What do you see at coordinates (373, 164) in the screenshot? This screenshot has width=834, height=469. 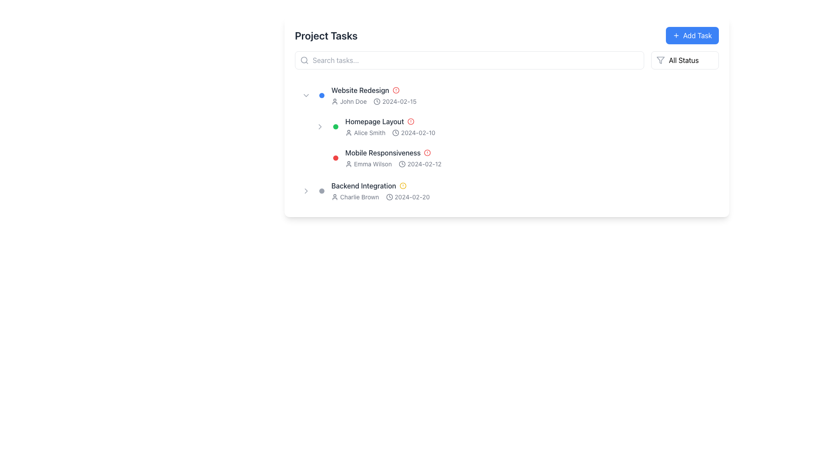 I see `the third Text label in the hierarchical task list that identifies the individual assigned to the task 'Mobile Responsiveness'` at bounding box center [373, 164].